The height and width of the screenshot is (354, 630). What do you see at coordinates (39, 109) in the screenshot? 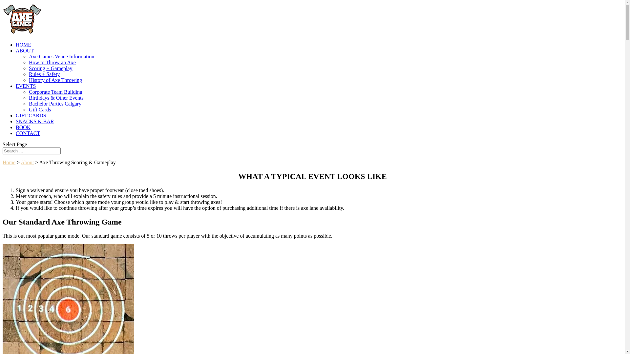
I see `'Gift Cards'` at bounding box center [39, 109].